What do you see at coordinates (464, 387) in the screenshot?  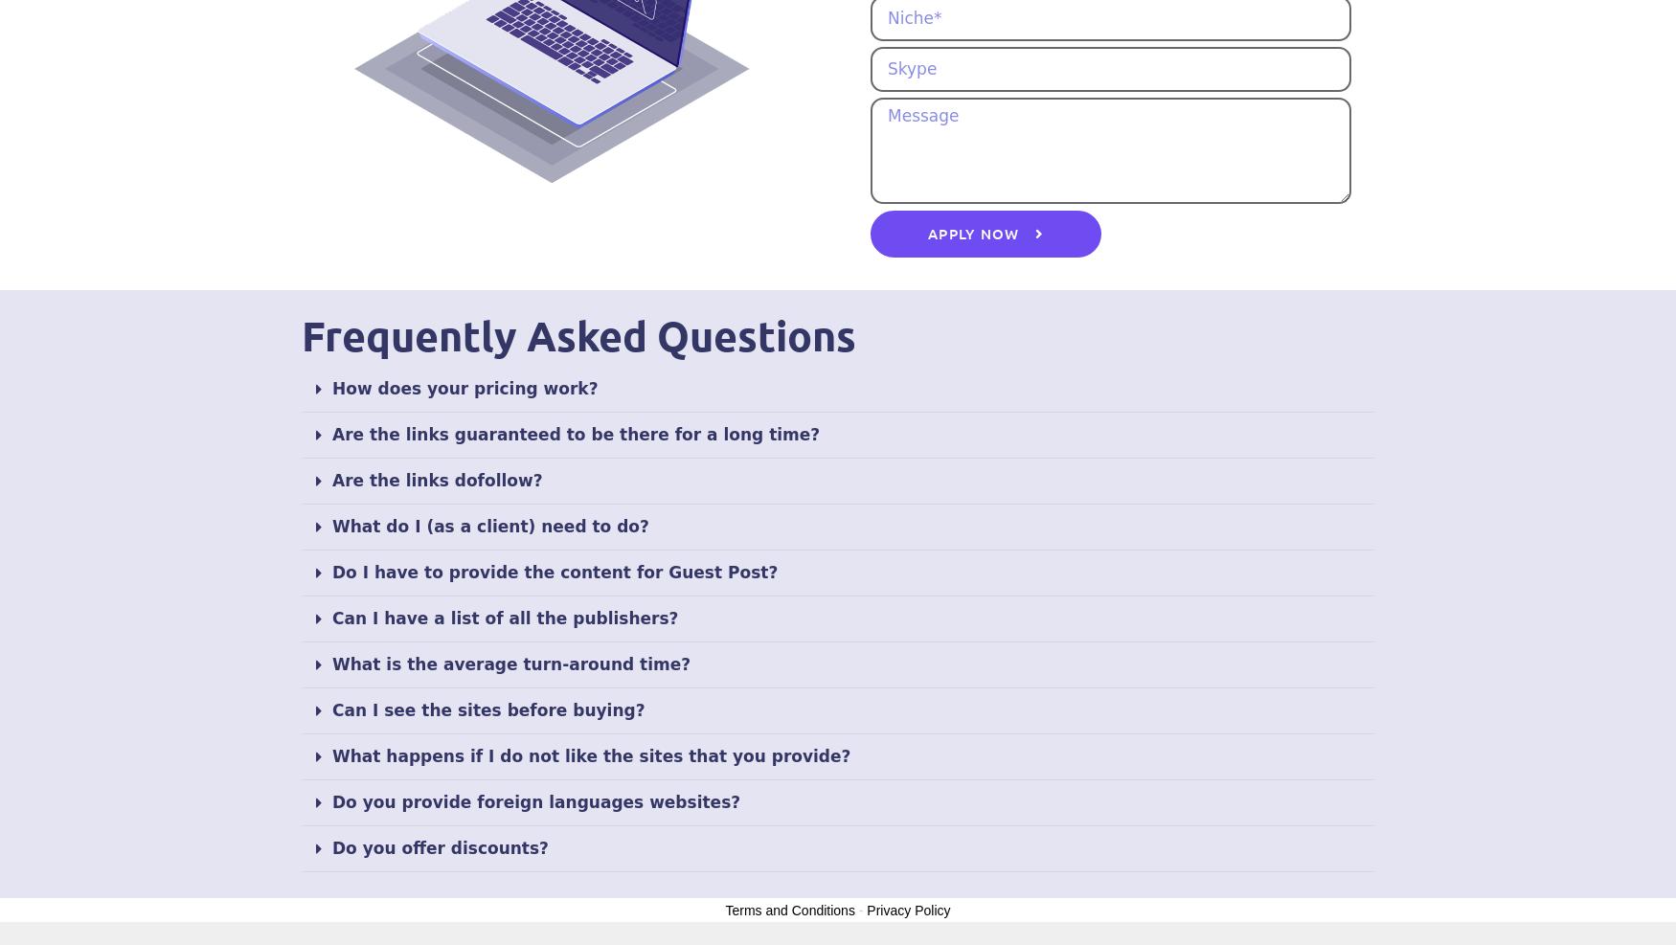 I see `'How does your pricing work?'` at bounding box center [464, 387].